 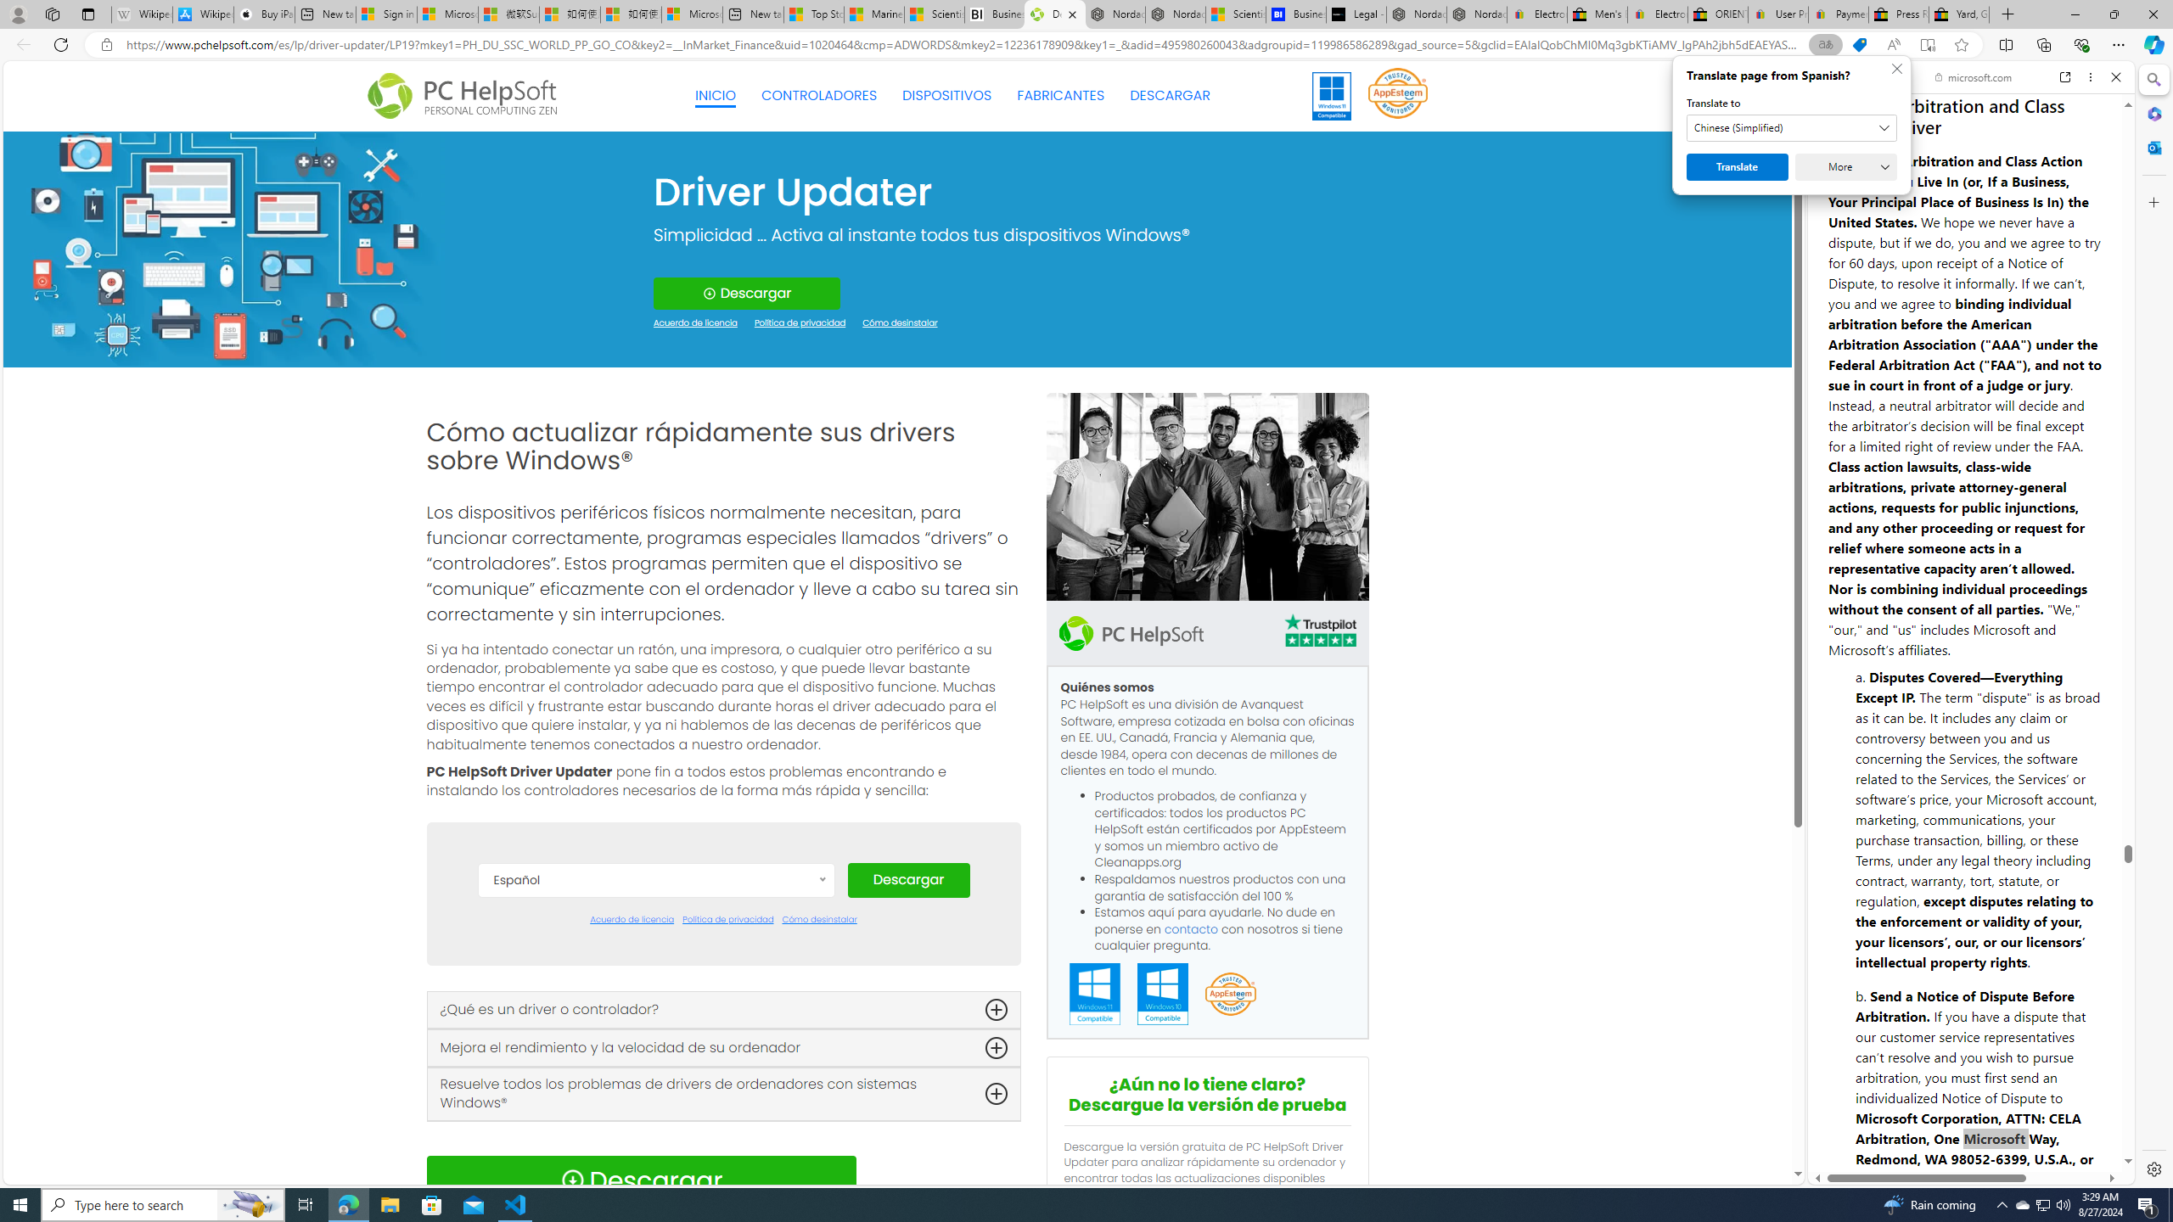 What do you see at coordinates (1061, 95) in the screenshot?
I see `'FABRICANTES'` at bounding box center [1061, 95].